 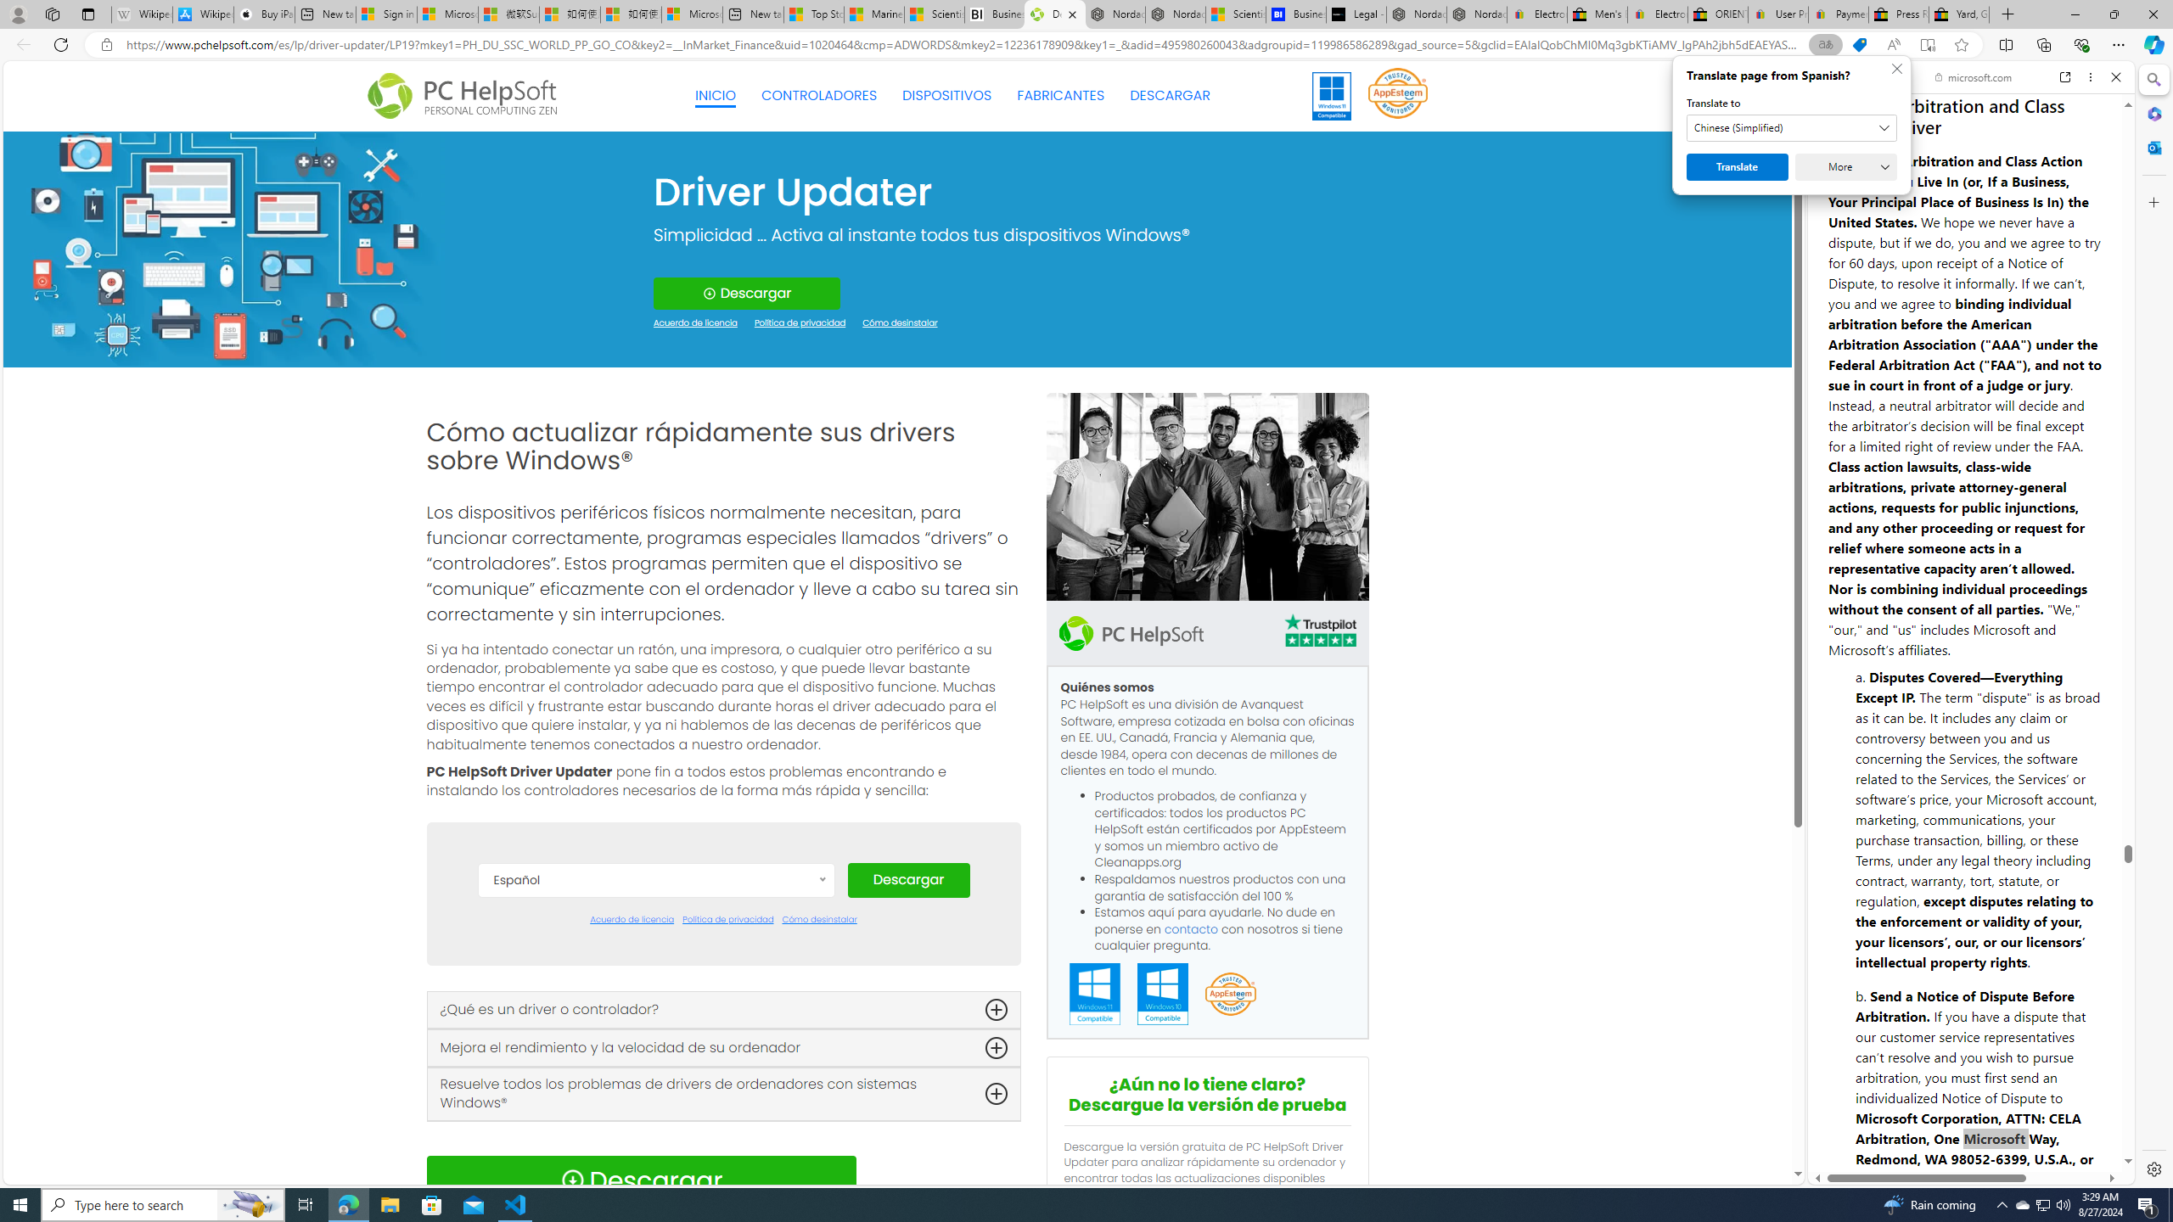 What do you see at coordinates (1061, 95) in the screenshot?
I see `'FABRICANTES'` at bounding box center [1061, 95].